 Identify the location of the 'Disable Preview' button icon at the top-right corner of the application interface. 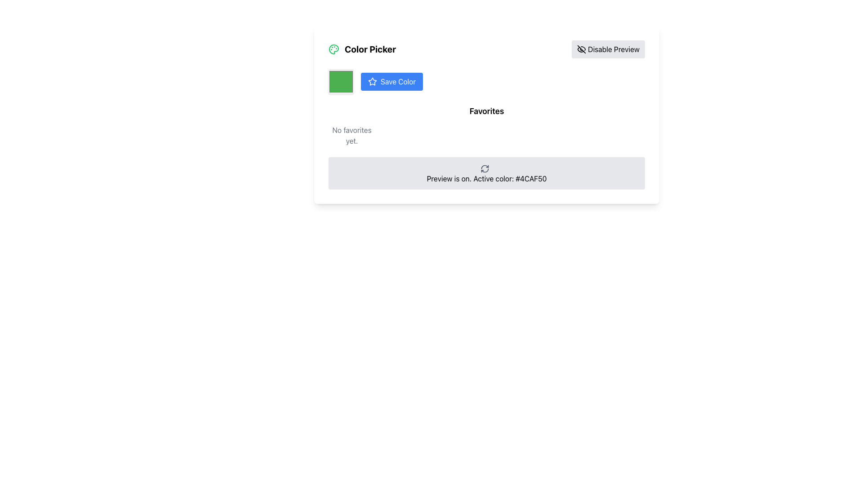
(582, 49).